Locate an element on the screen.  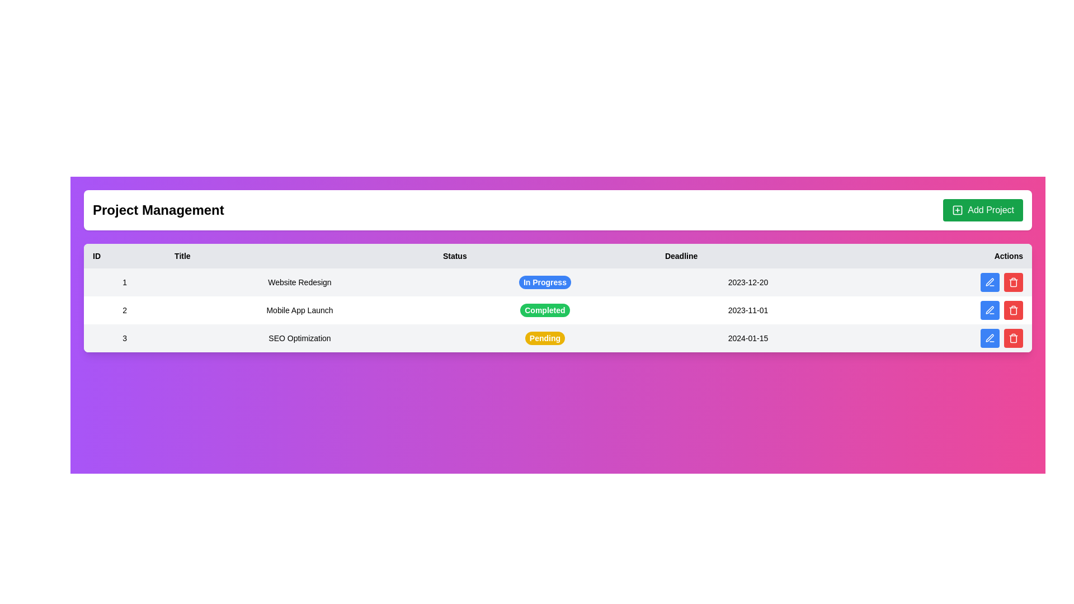
the red button with a trash icon located in the second position of the 'Actions' column in the third row of the table is located at coordinates (1013, 310).